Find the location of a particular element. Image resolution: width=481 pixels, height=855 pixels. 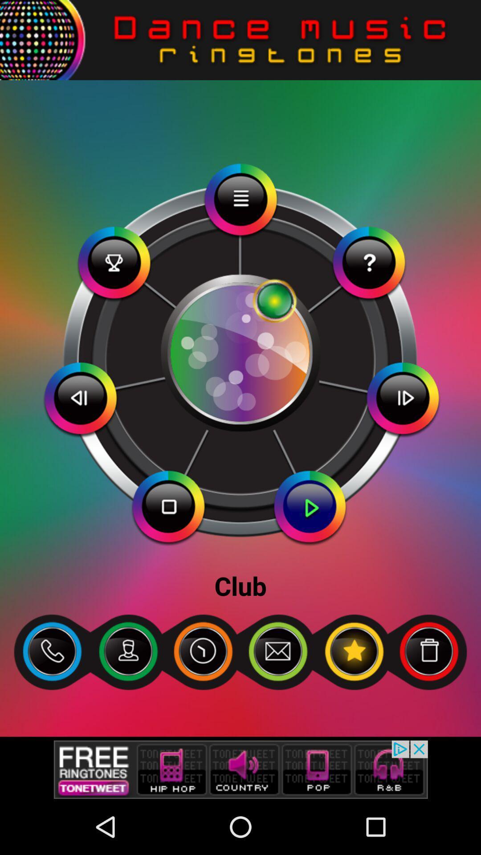

the star icon is located at coordinates (353, 697).